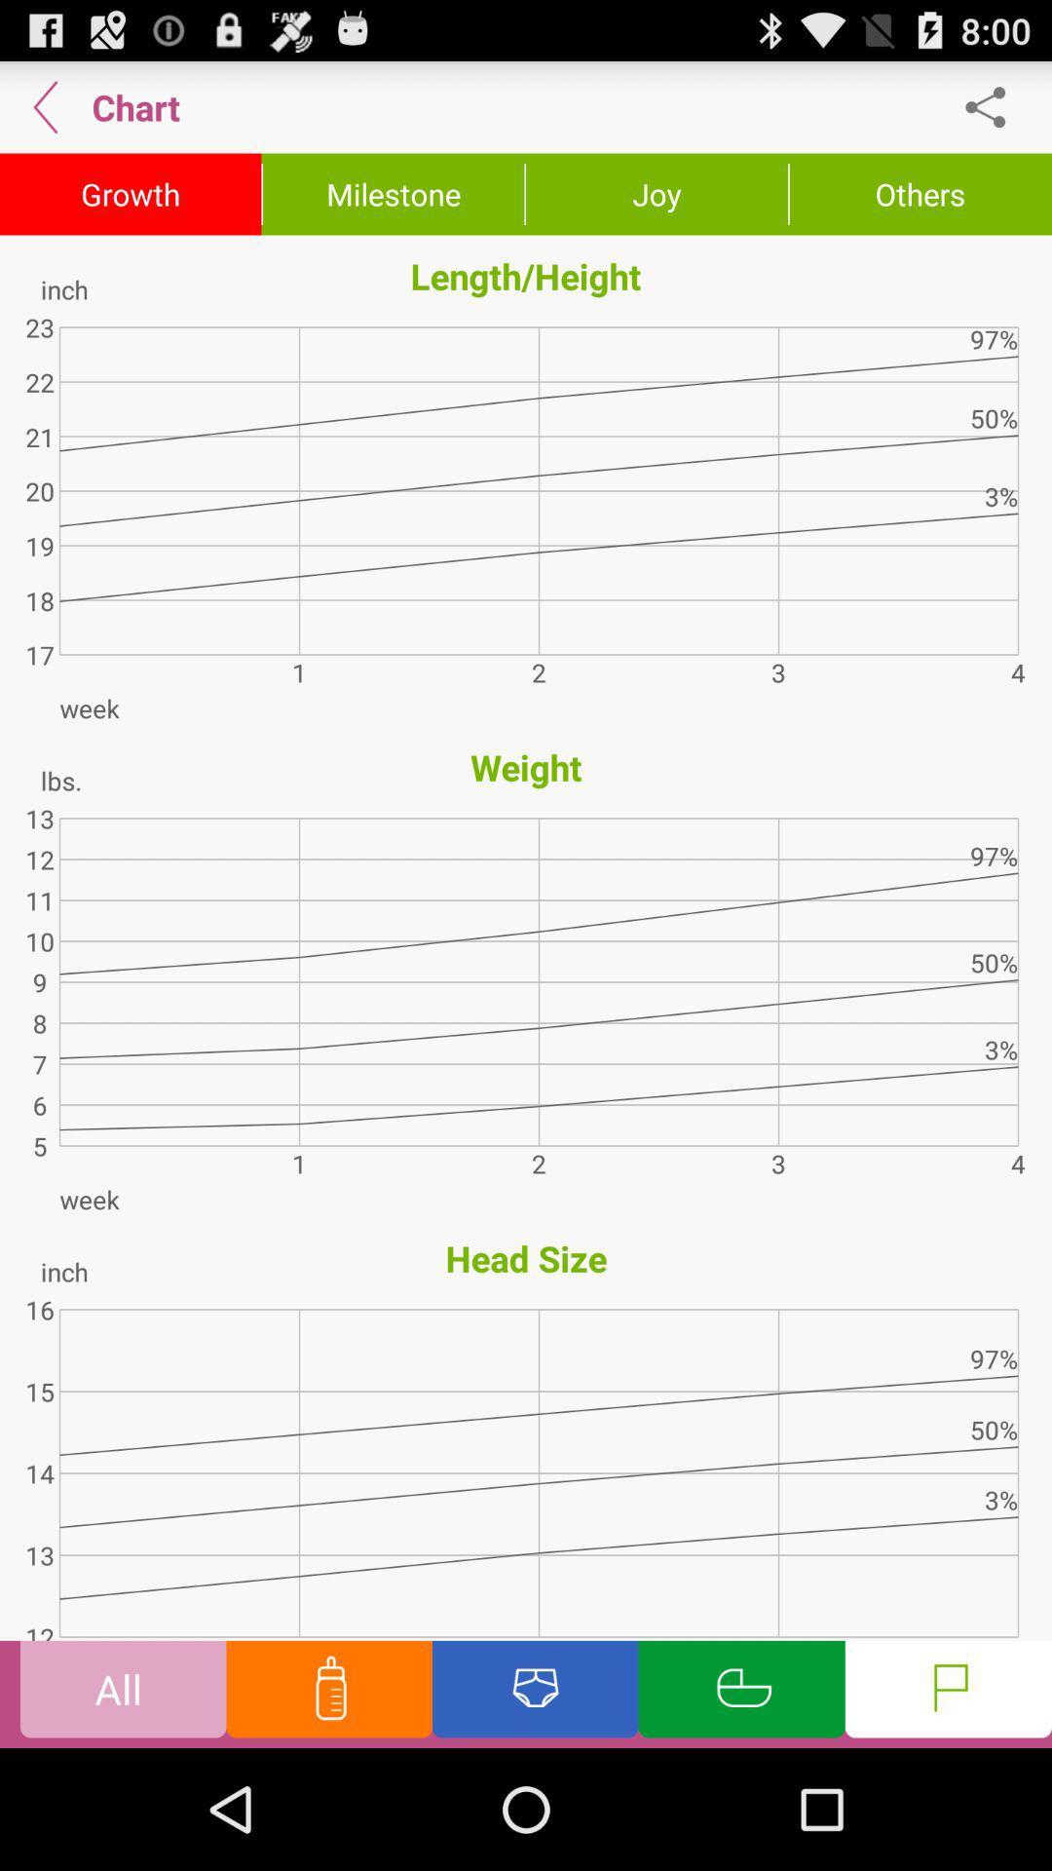 This screenshot has height=1871, width=1052. I want to click on see diapers, so click(535, 1693).